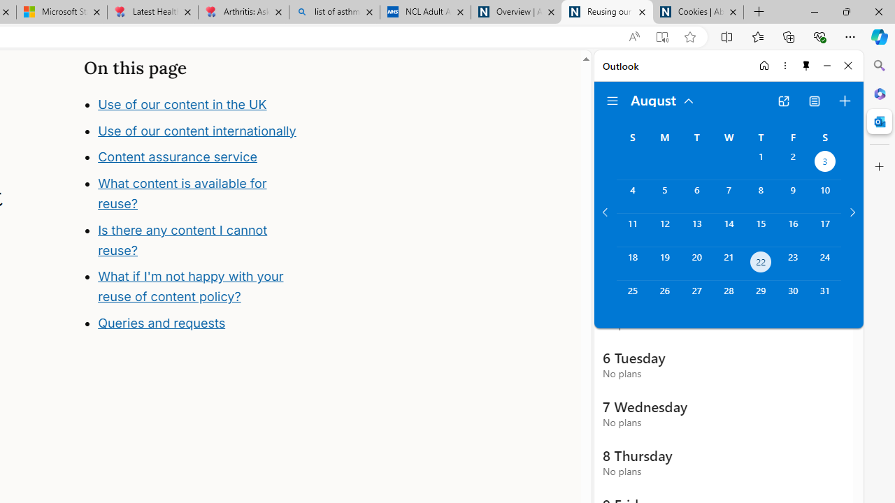  I want to click on 'Is there any content I cannot reuse?', so click(182, 239).